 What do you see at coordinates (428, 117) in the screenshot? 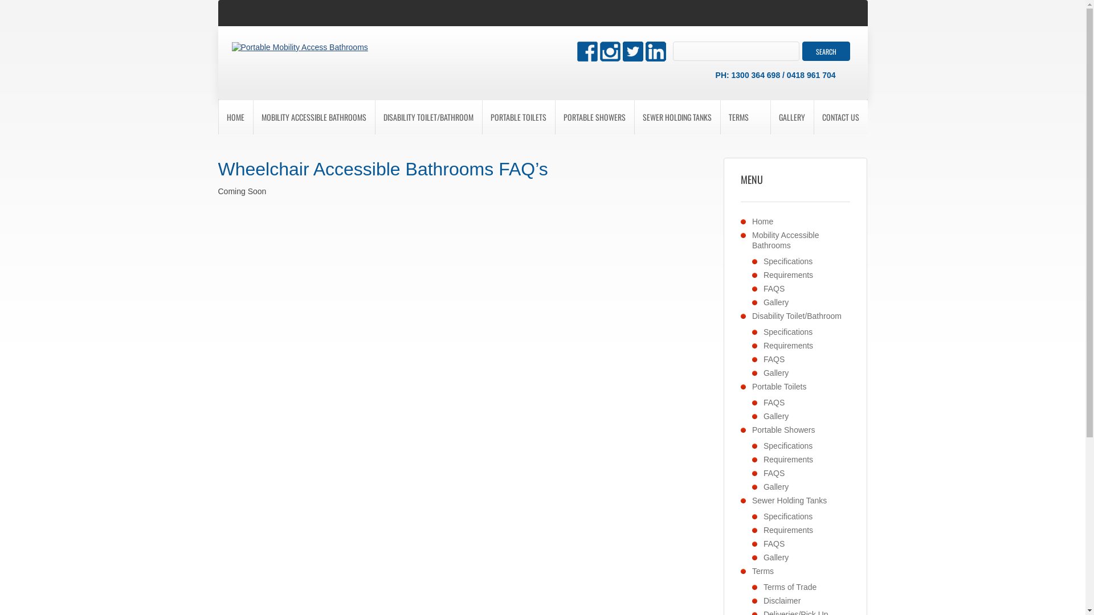
I see `'DISABILITY TOILET/BATHROOM'` at bounding box center [428, 117].